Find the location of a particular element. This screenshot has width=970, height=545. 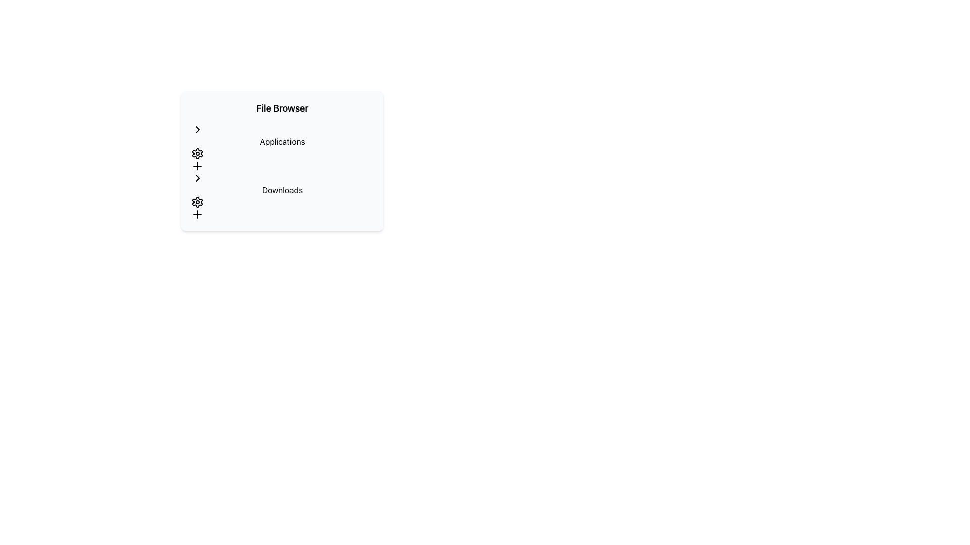

the rightward-pointing chevron icon located at the top of the sidebar, next to the 'Applications' text is located at coordinates (197, 129).